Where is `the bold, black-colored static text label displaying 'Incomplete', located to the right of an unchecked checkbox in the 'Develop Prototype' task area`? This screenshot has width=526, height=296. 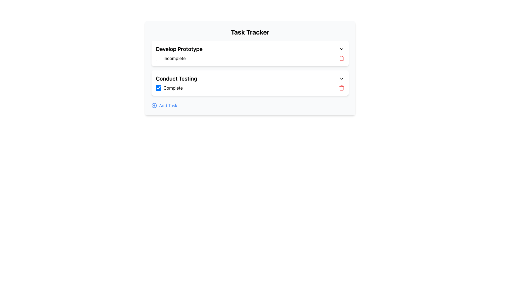
the bold, black-colored static text label displaying 'Incomplete', located to the right of an unchecked checkbox in the 'Develop Prototype' task area is located at coordinates (174, 58).